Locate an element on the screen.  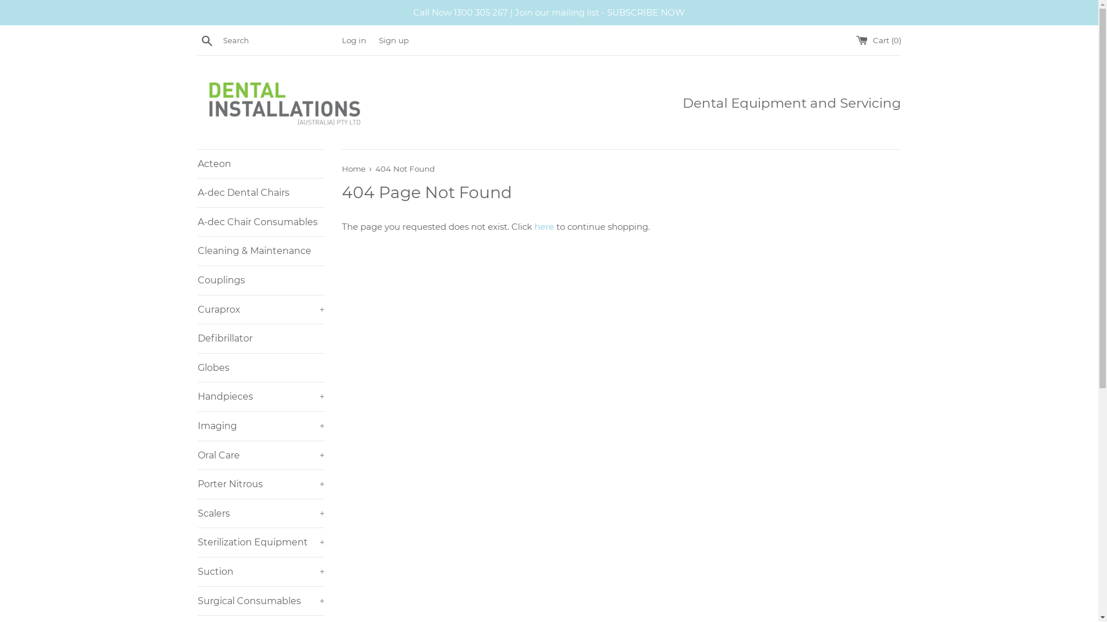
'Cleaning & Maintenance' is located at coordinates (259, 250).